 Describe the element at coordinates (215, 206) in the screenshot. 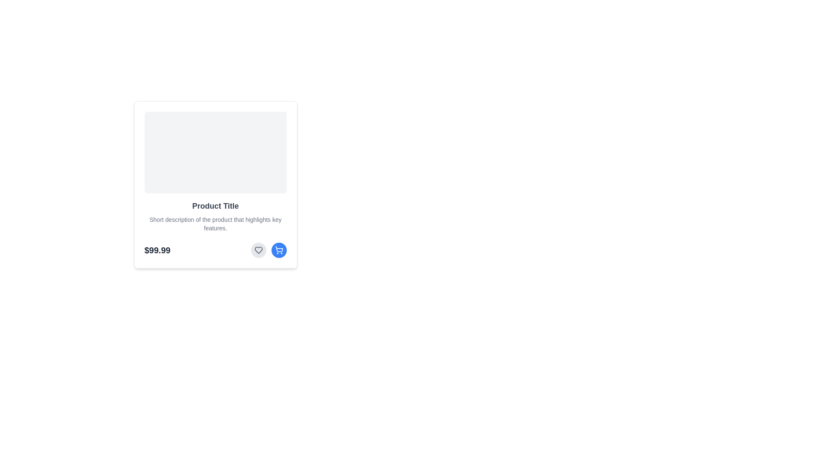

I see `the text label displaying the product name in the card interface` at that location.